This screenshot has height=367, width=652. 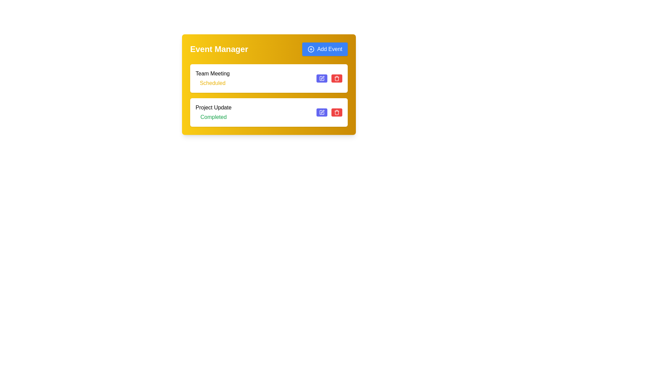 I want to click on circular icon within the 'Add Event' button located in the top-right corner of the interface using developer tools, so click(x=311, y=49).